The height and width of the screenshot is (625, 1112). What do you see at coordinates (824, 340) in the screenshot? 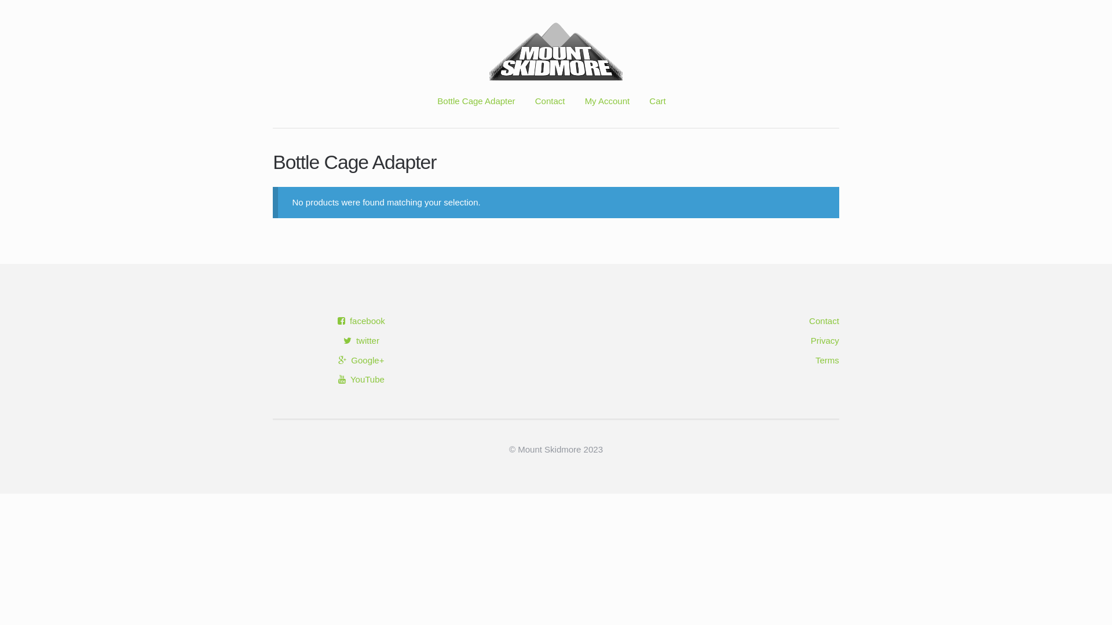
I see `'Privacy'` at bounding box center [824, 340].